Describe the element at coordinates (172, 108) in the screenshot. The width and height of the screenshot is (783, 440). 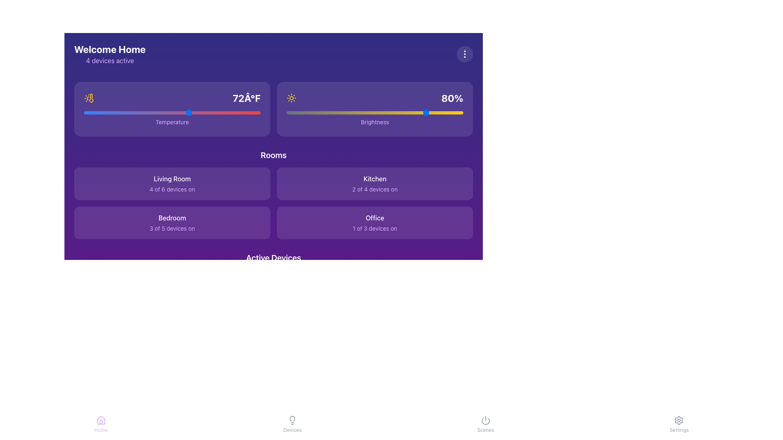
I see `the temperature slider control for keyboard adjustment, identified by its rectangular shape, blue tick, and temperature display of 72°F` at that location.